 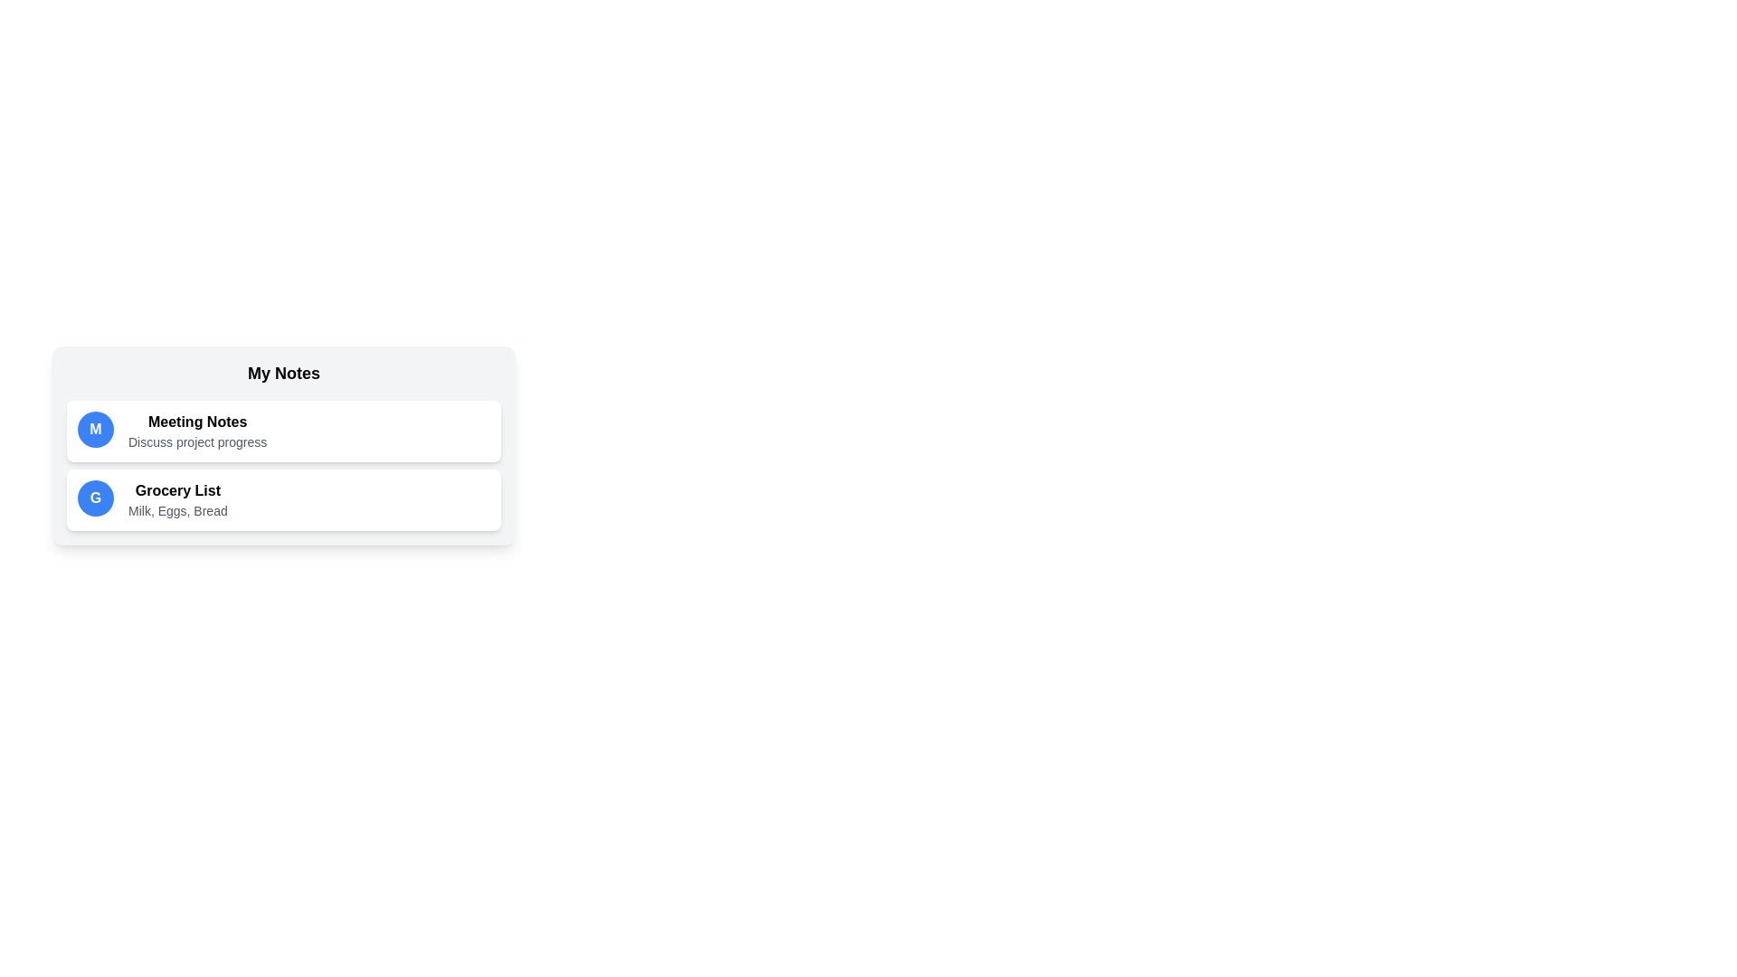 What do you see at coordinates (282, 432) in the screenshot?
I see `the note titled Meeting Notes to select it` at bounding box center [282, 432].